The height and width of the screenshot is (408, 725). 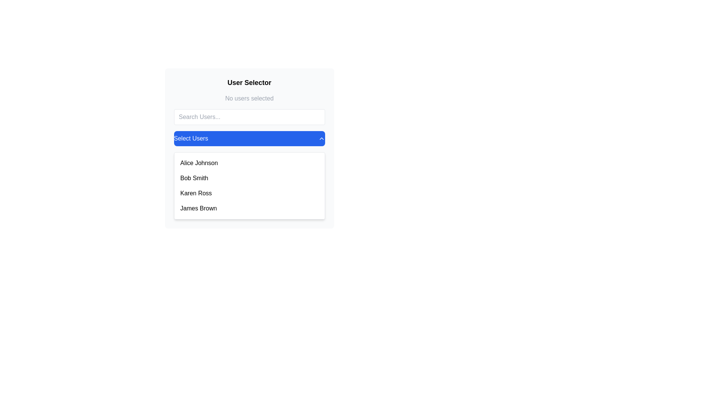 What do you see at coordinates (198, 208) in the screenshot?
I see `the text label displaying 'James Brown' in the dropdown list` at bounding box center [198, 208].